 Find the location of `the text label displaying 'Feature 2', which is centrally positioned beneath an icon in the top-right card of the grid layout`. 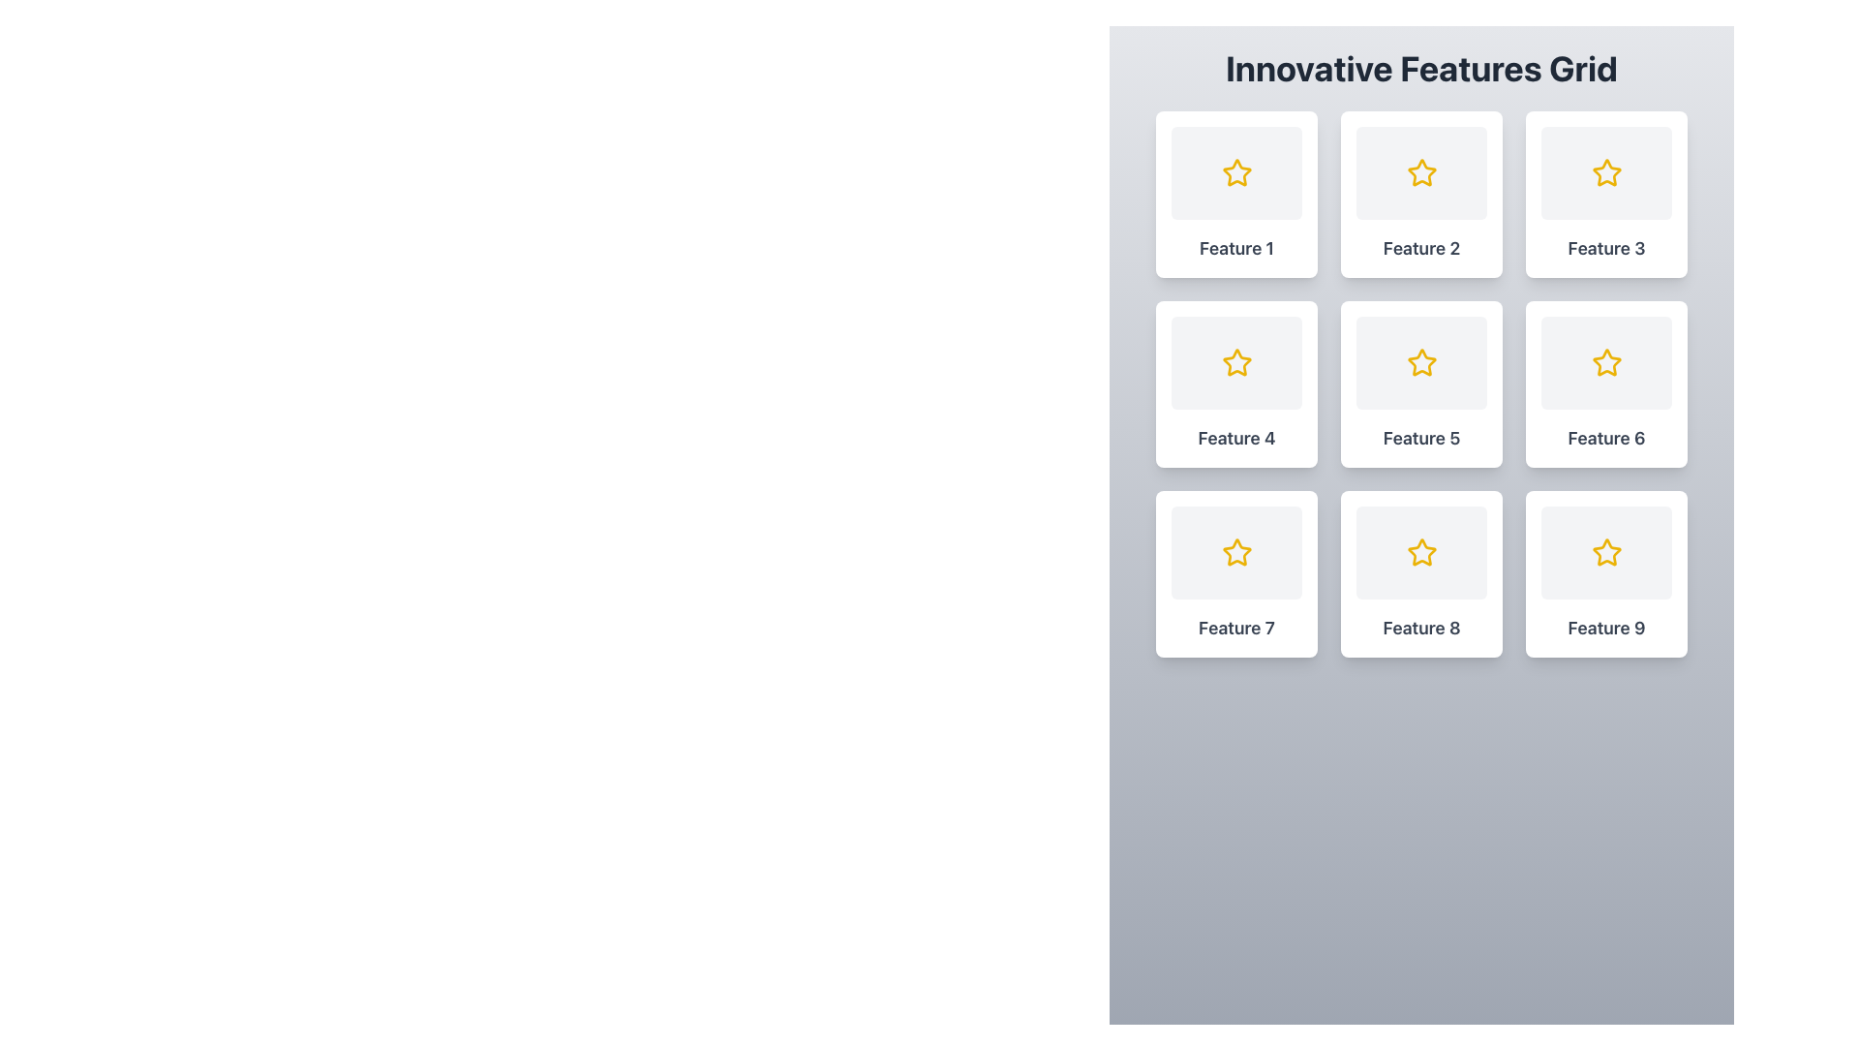

the text label displaying 'Feature 2', which is centrally positioned beneath an icon in the top-right card of the grid layout is located at coordinates (1421, 248).